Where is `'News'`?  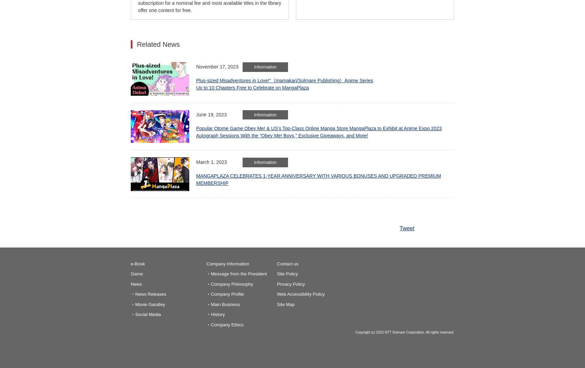
'News' is located at coordinates (130, 284).